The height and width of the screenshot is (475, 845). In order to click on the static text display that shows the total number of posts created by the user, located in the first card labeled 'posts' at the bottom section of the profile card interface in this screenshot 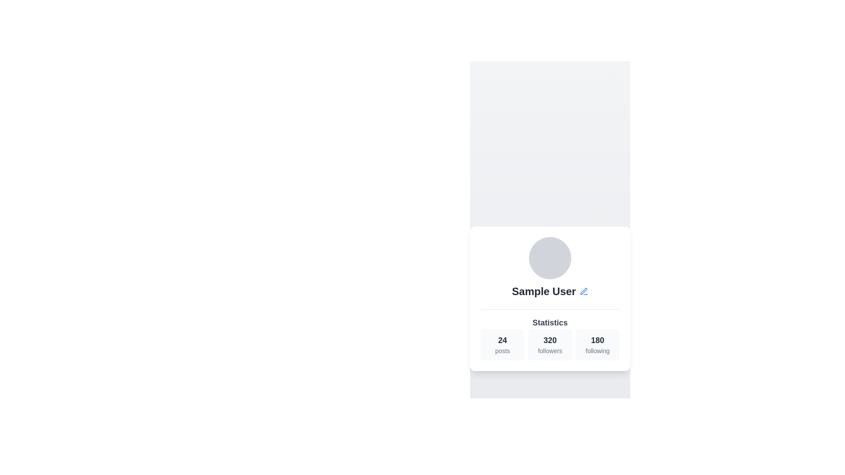, I will do `click(503, 340)`.